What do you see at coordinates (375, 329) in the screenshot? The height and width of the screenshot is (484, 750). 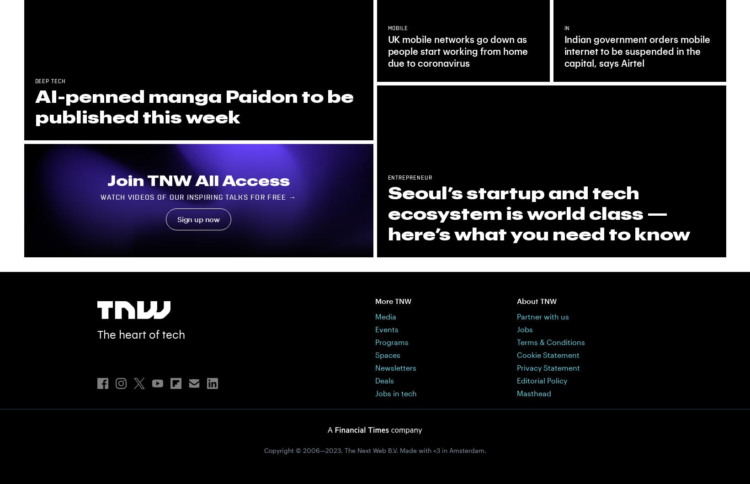 I see `'Events'` at bounding box center [375, 329].